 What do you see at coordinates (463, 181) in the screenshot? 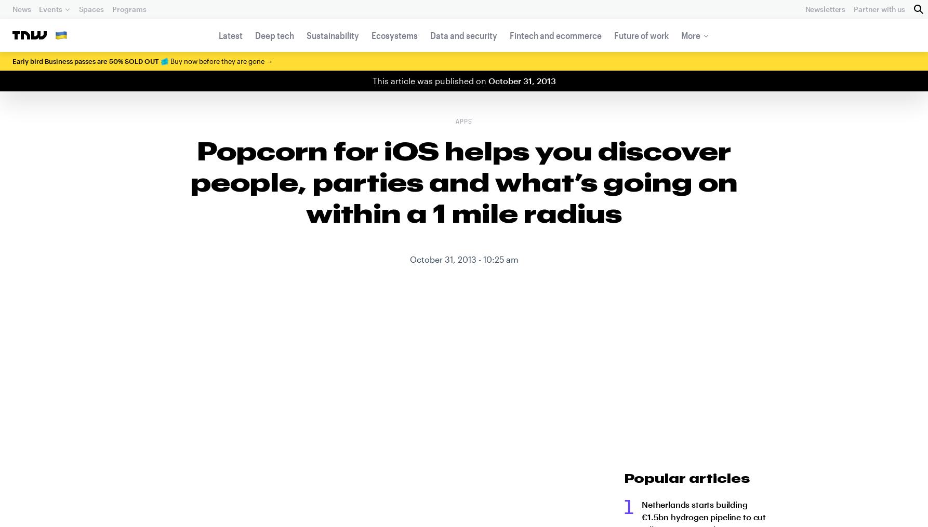
I see `'Popcorn for iOS helps you discover people, parties and what’s going on within a 1 mile radius'` at bounding box center [463, 181].